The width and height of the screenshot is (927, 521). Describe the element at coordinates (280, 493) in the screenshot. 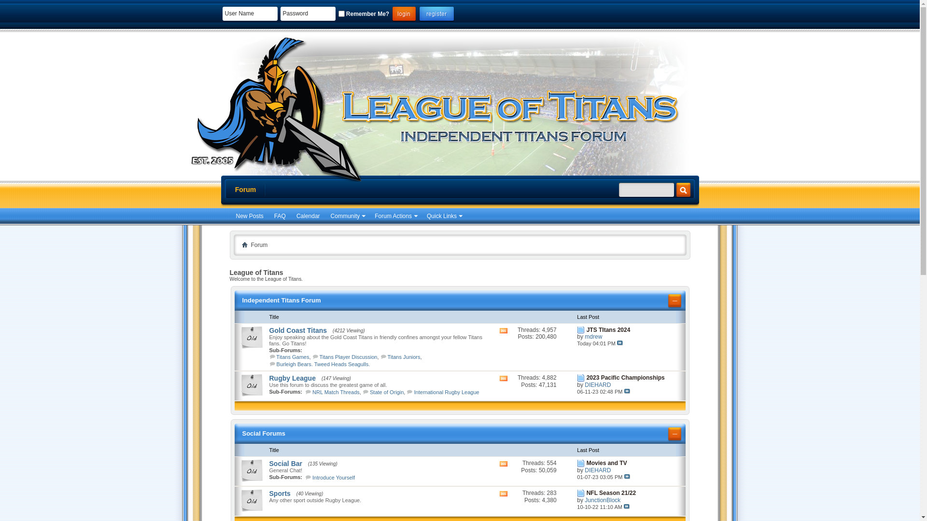

I see `'Sports'` at that location.